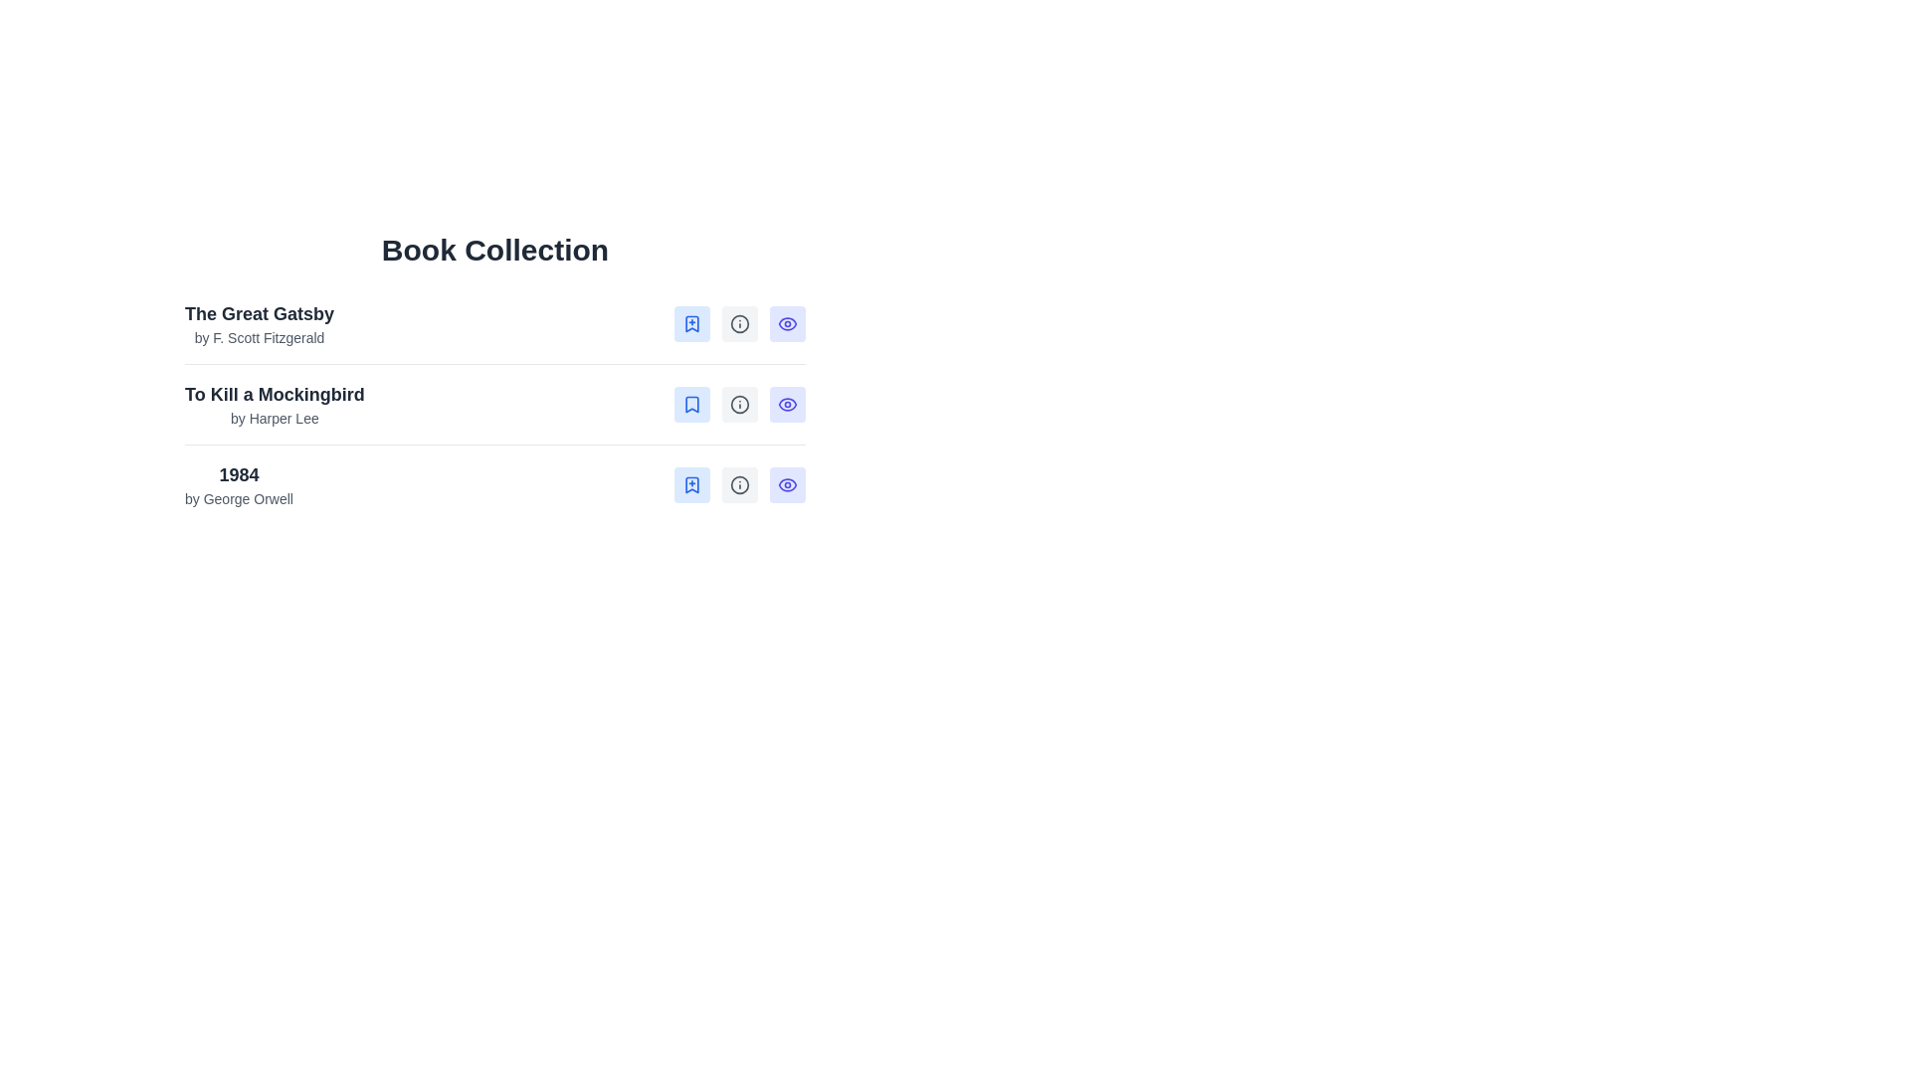 The width and height of the screenshot is (1910, 1074). Describe the element at coordinates (258, 323) in the screenshot. I see `the text block displaying the title 'The Great Gatsby' and the author 'by F. Scott Fitzgerald', which is the first entry under the 'Book Collection' heading` at that location.